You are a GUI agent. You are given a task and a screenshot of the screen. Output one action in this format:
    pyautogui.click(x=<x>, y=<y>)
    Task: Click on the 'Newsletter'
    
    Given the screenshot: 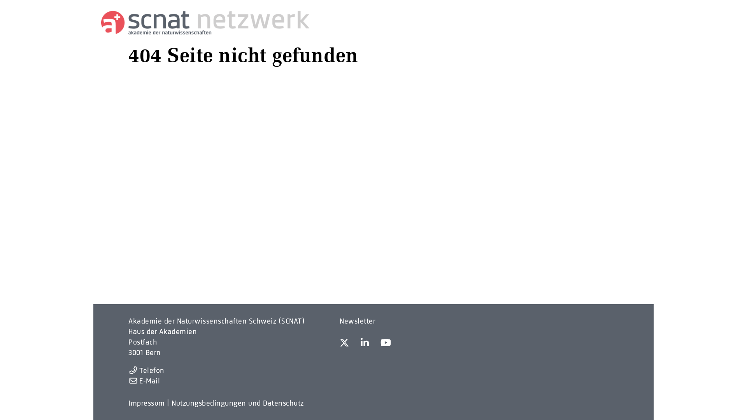 What is the action you would take?
    pyautogui.click(x=357, y=321)
    